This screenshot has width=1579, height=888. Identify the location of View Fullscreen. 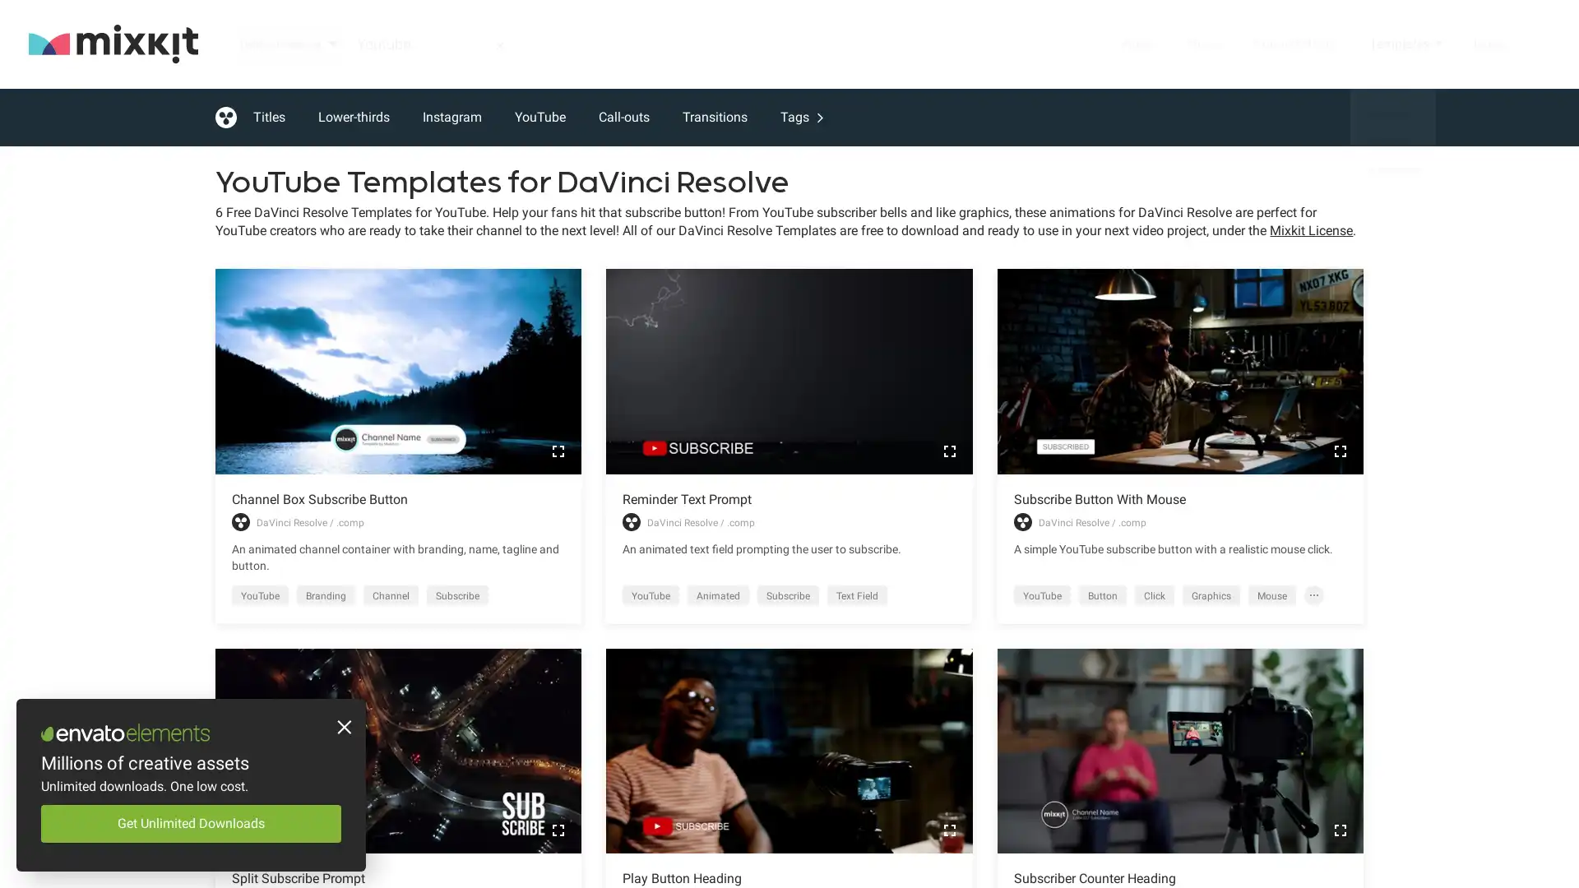
(558, 830).